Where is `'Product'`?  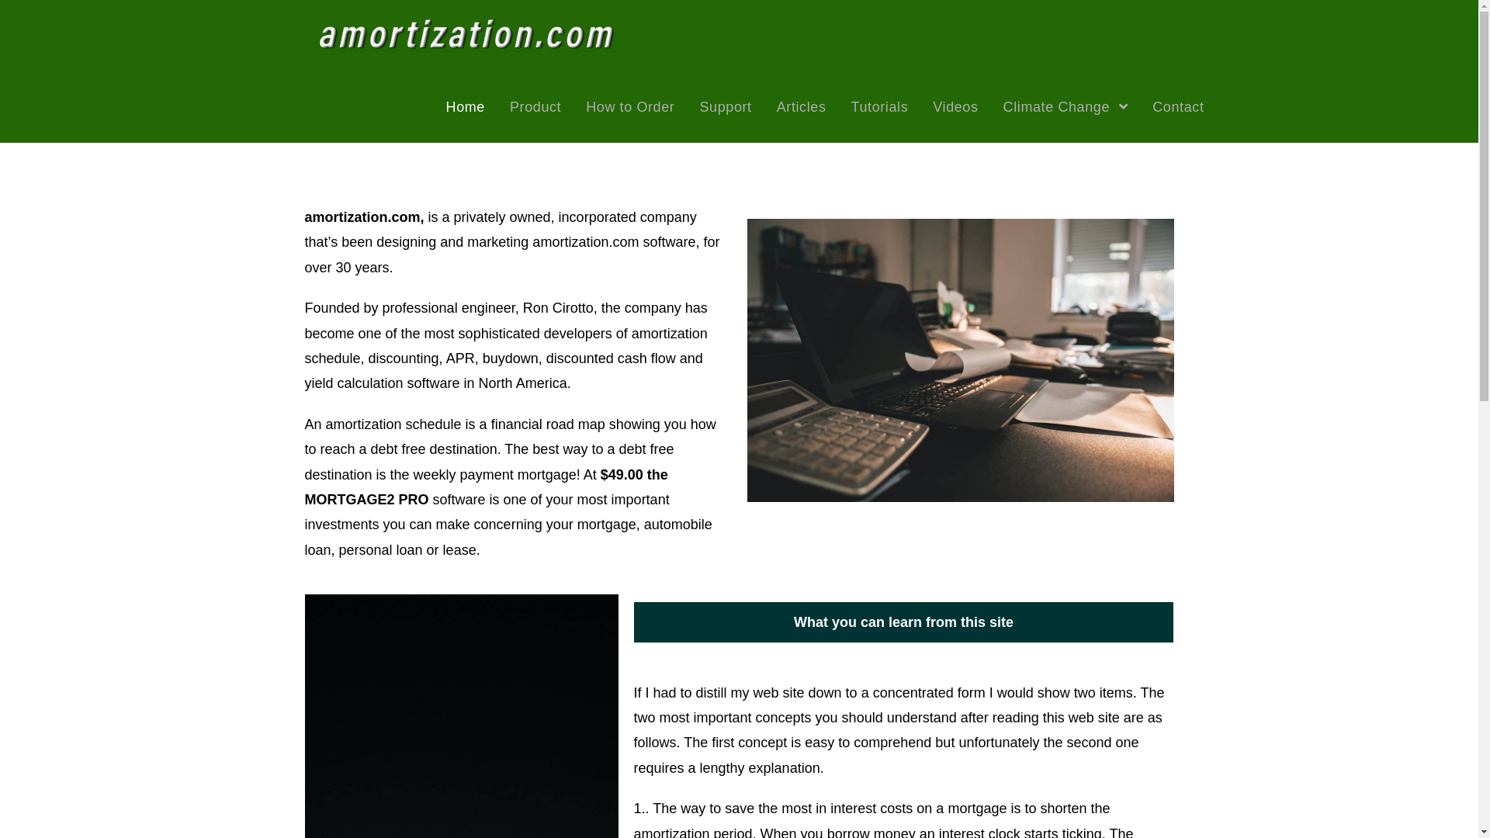
'Product' is located at coordinates (497, 106).